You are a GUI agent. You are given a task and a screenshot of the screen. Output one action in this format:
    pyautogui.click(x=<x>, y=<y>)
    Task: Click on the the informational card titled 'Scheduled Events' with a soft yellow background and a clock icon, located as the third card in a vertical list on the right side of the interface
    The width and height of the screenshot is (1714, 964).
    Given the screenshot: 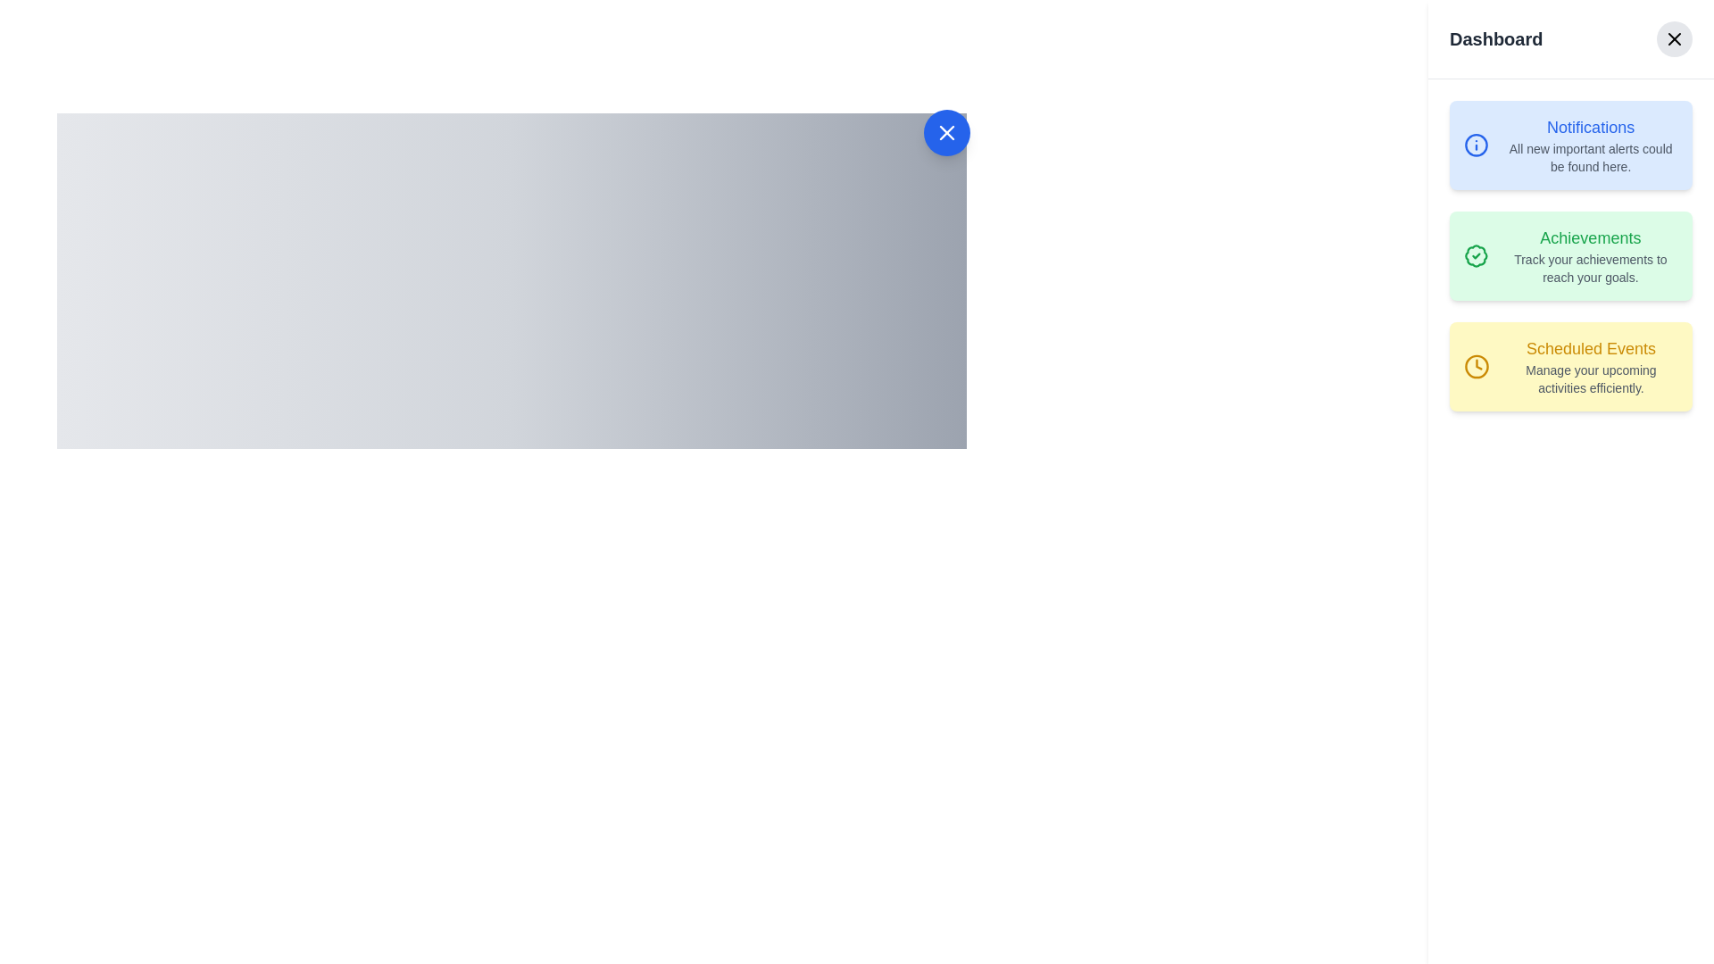 What is the action you would take?
    pyautogui.click(x=1571, y=366)
    